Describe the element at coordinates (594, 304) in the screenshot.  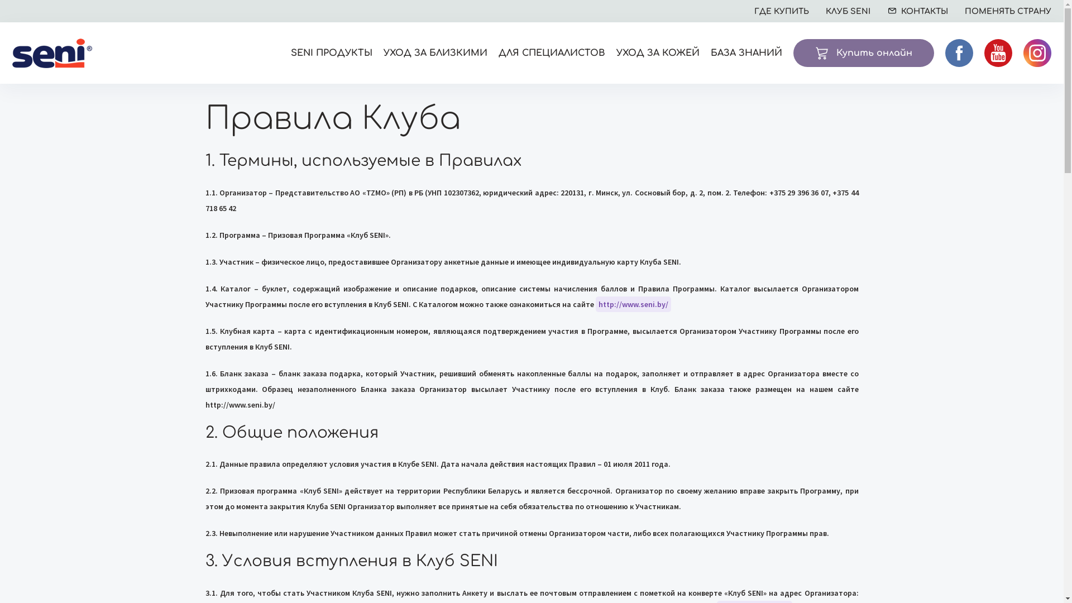
I see `'http://www.seni.by/'` at that location.